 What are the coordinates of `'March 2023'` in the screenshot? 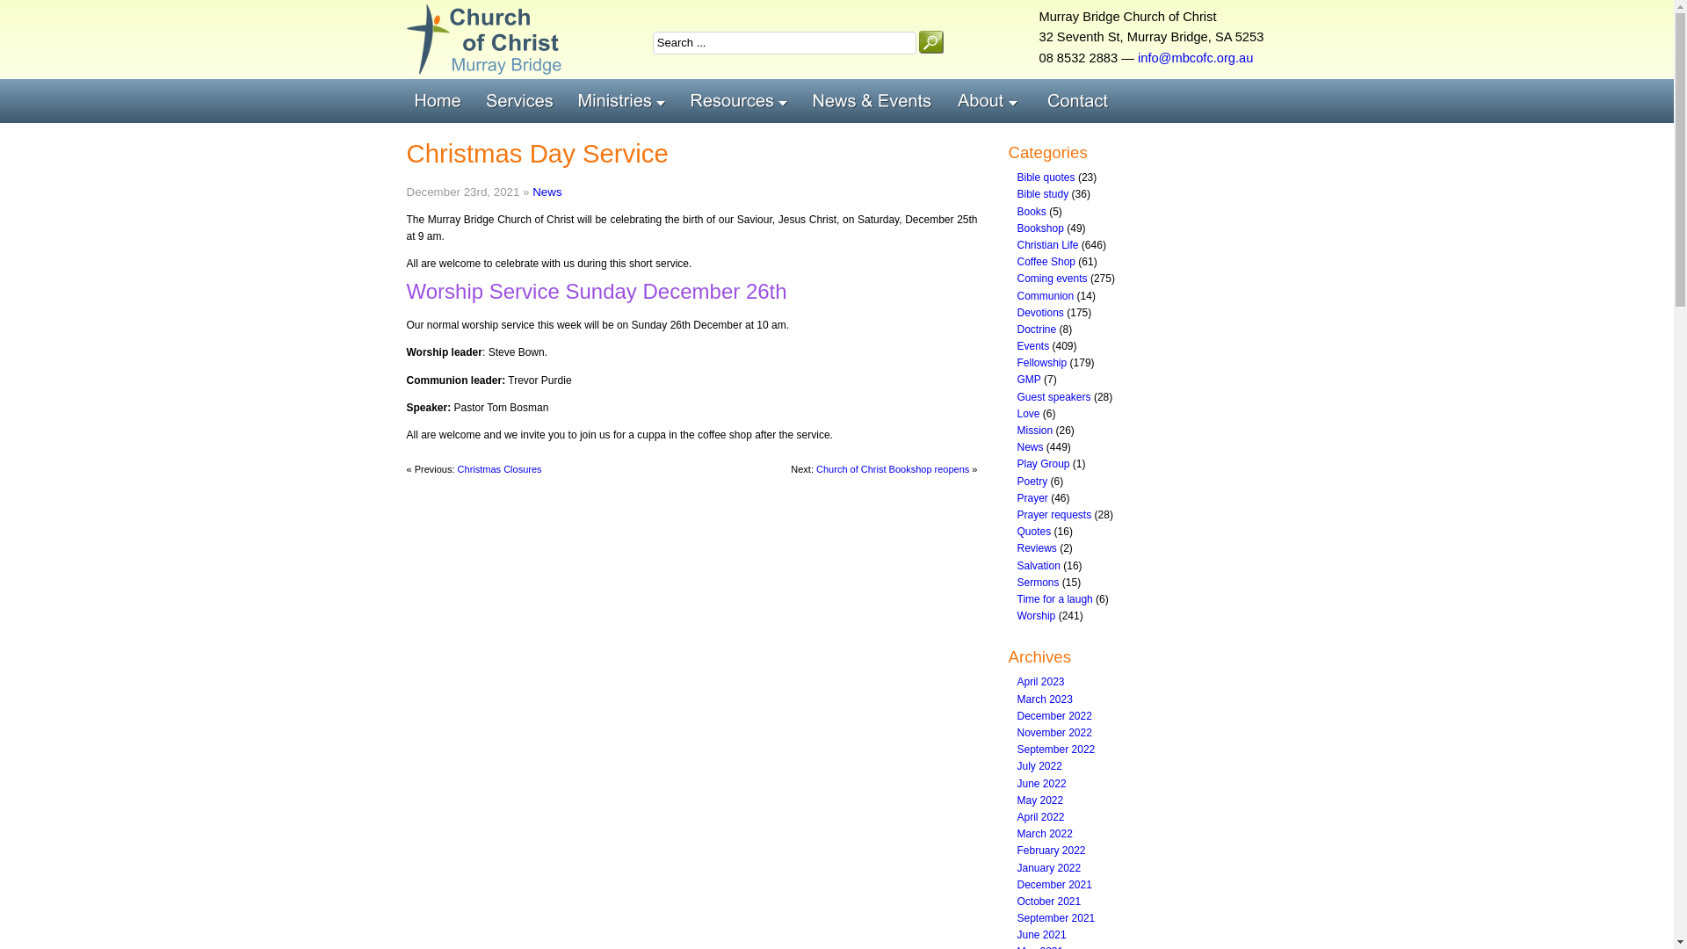 It's located at (1045, 698).